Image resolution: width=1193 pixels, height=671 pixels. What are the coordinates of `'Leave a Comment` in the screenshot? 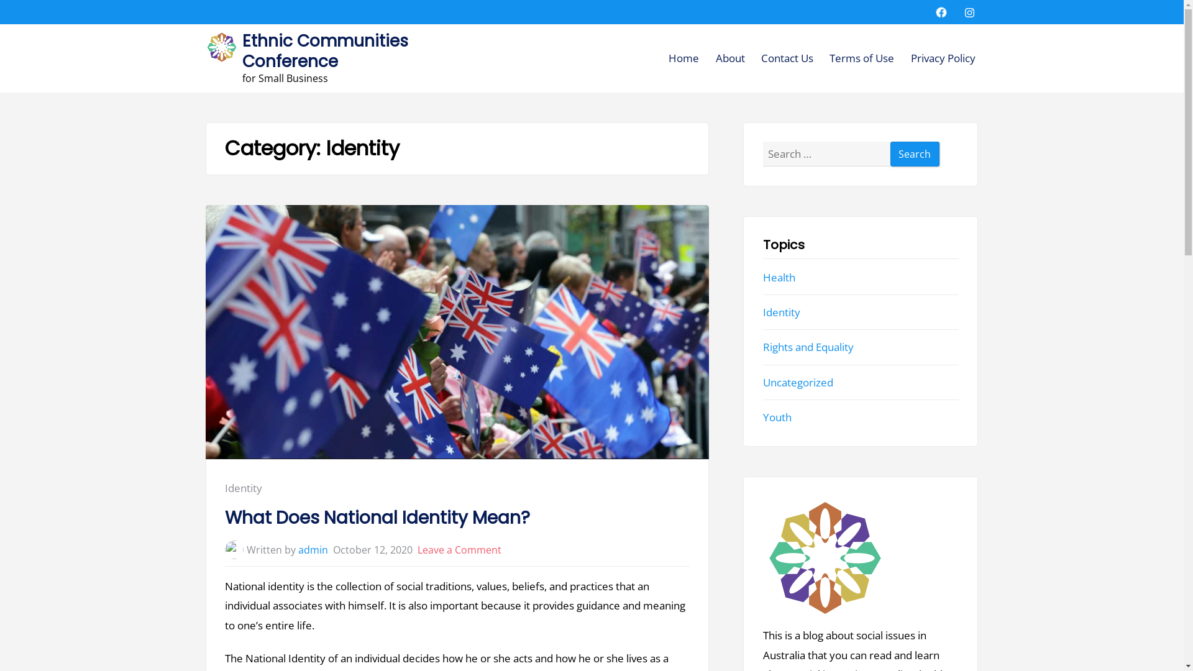 It's located at (459, 549).